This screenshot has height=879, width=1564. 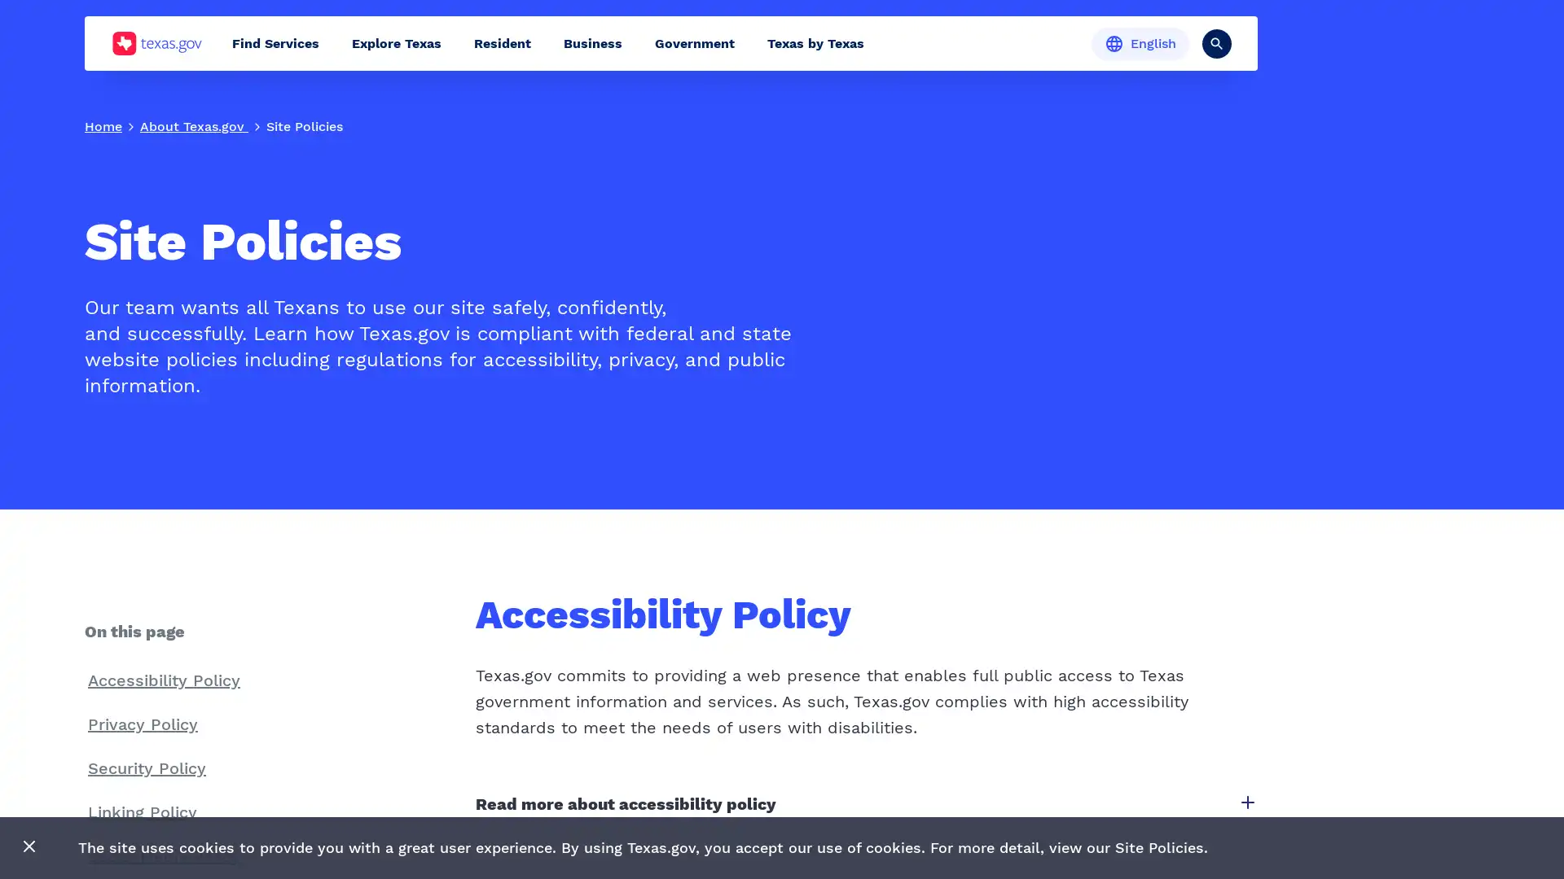 What do you see at coordinates (275, 42) in the screenshot?
I see `Find Services` at bounding box center [275, 42].